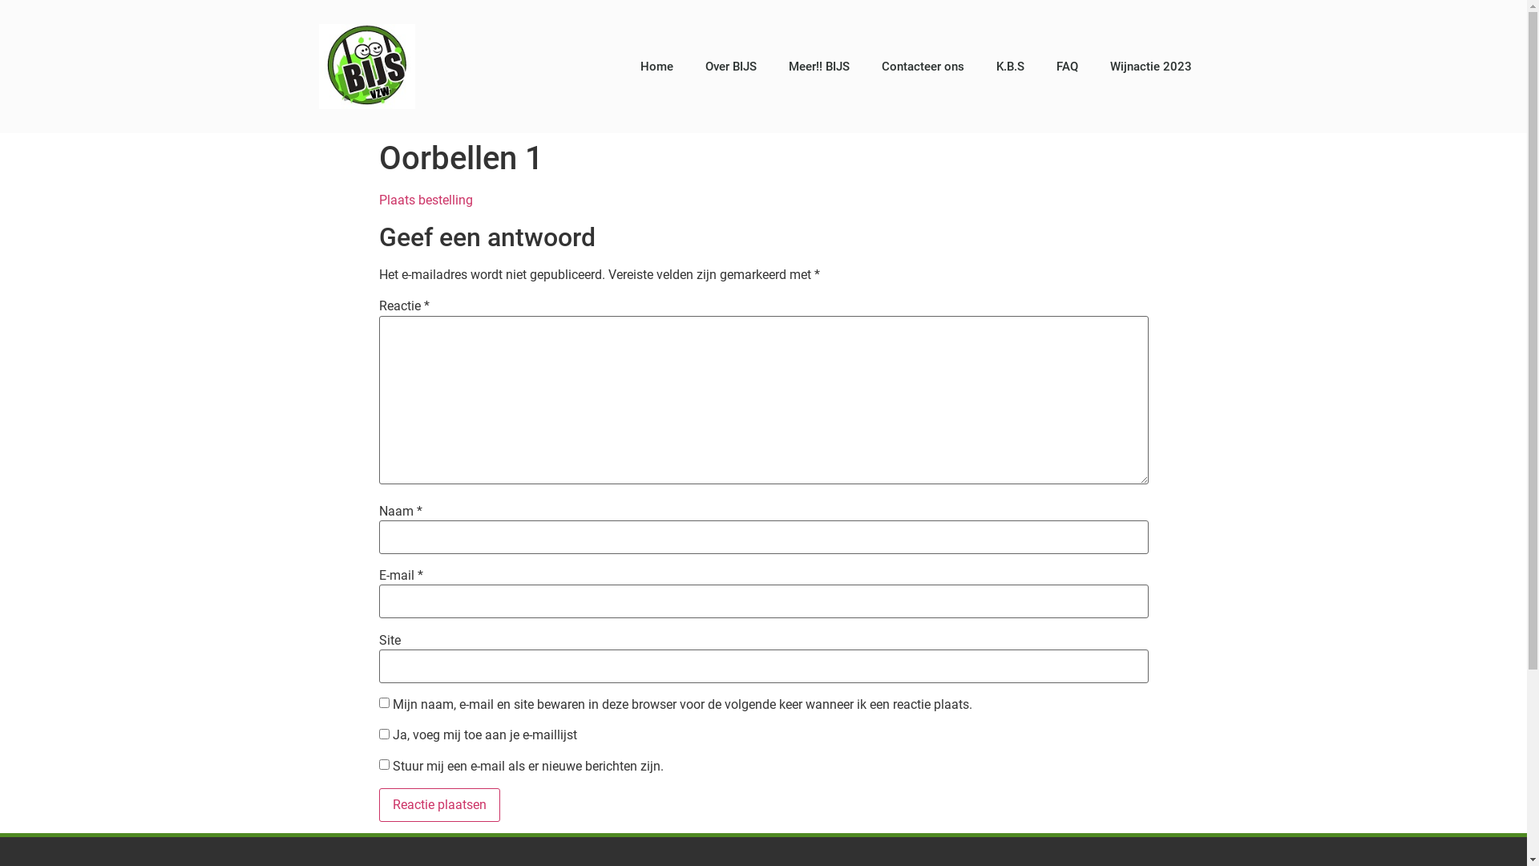  What do you see at coordinates (980, 66) in the screenshot?
I see `'K.B.S'` at bounding box center [980, 66].